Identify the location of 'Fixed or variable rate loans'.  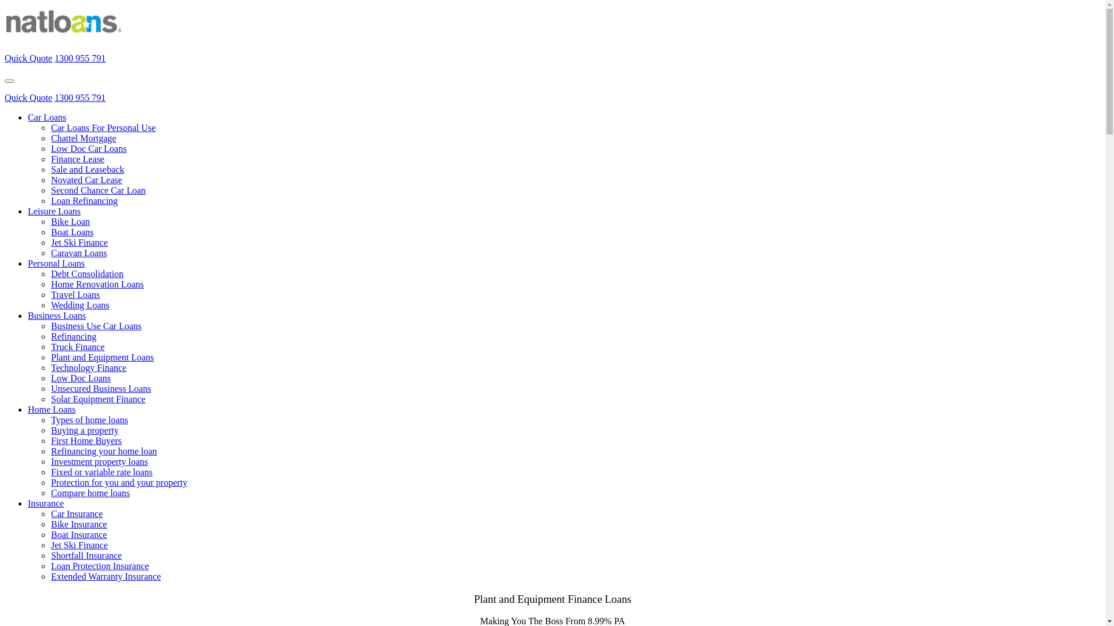
(50, 472).